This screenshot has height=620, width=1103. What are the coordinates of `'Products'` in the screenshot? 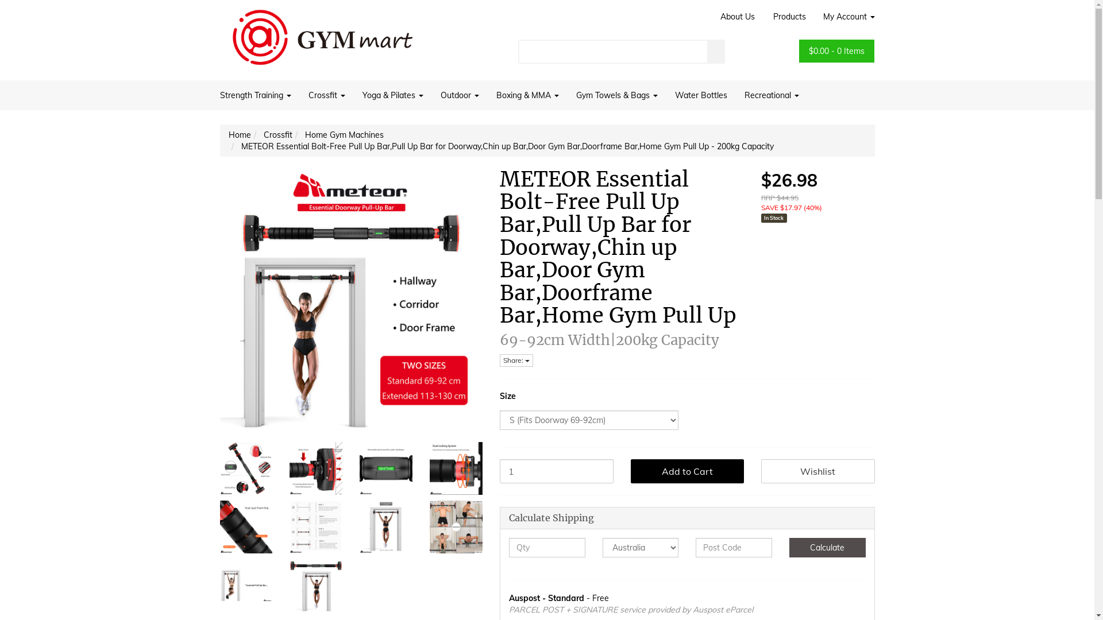 It's located at (763, 17).